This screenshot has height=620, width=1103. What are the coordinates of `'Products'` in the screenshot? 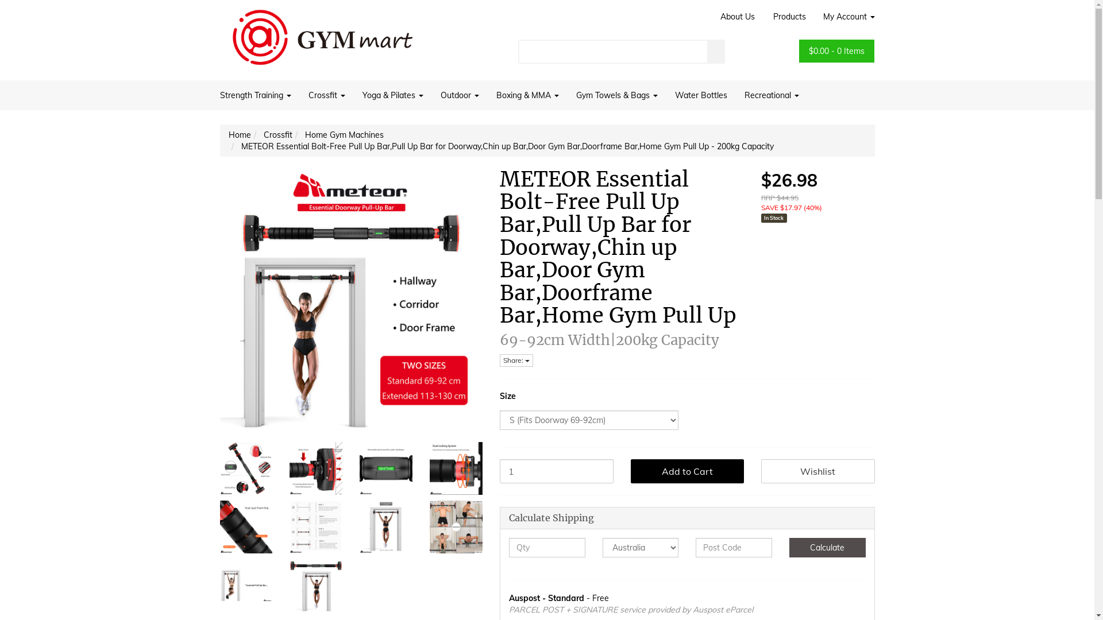 It's located at (763, 17).